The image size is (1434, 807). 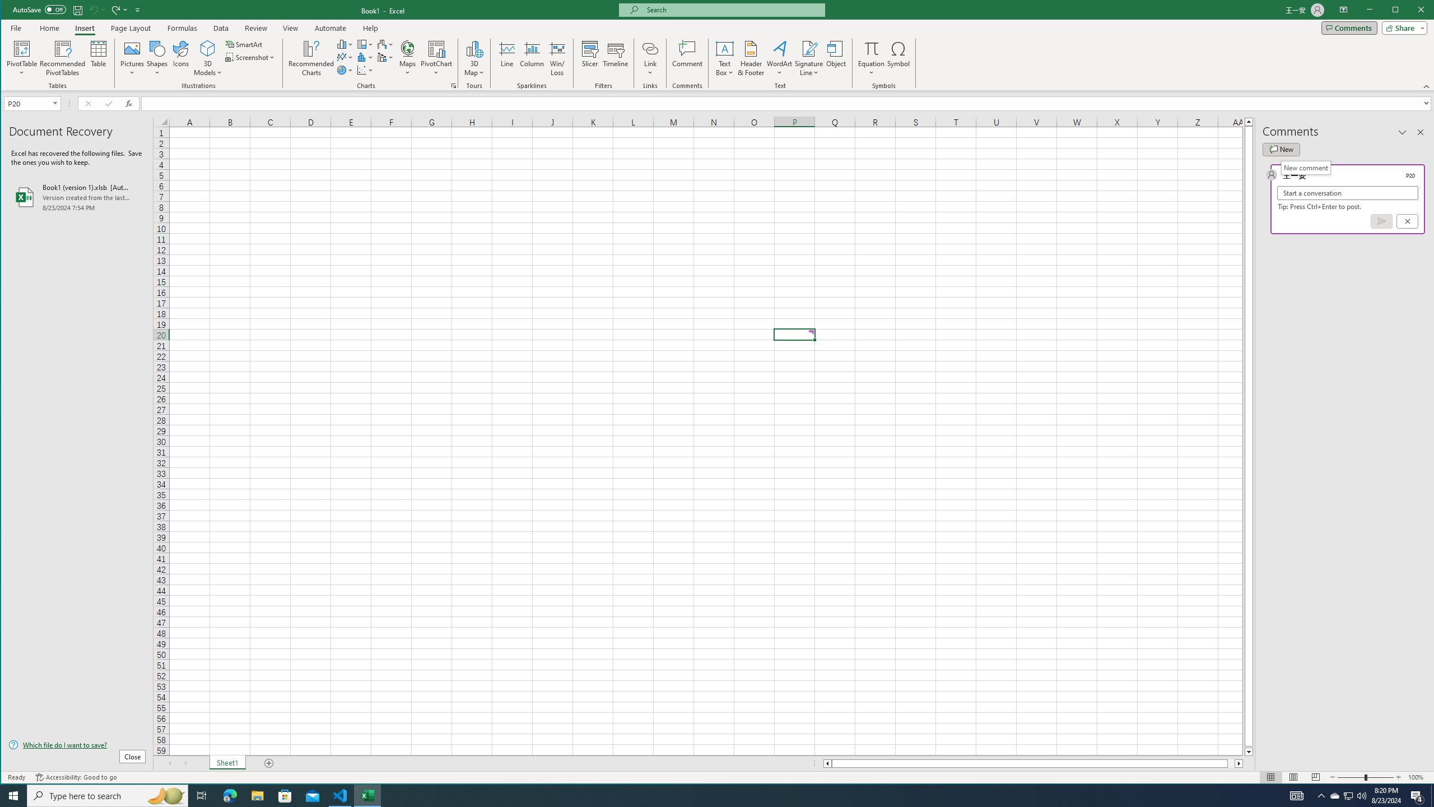 What do you see at coordinates (344, 57) in the screenshot?
I see `'Insert Line or Area Chart'` at bounding box center [344, 57].